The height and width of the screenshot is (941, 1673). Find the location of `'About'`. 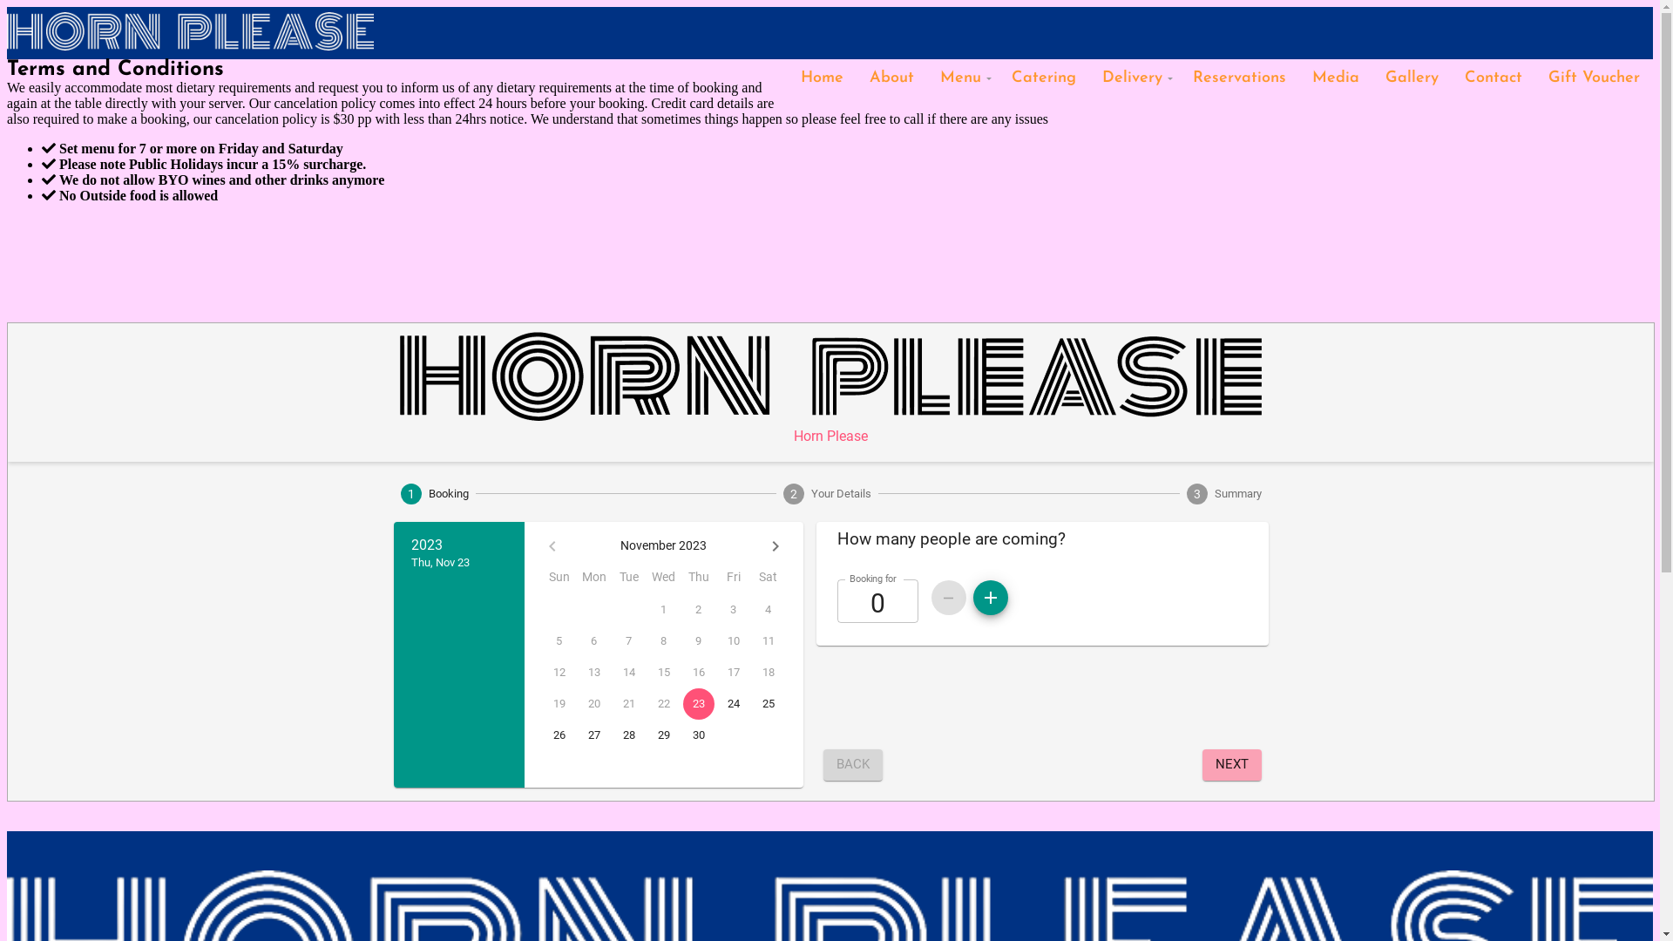

'About' is located at coordinates (891, 77).